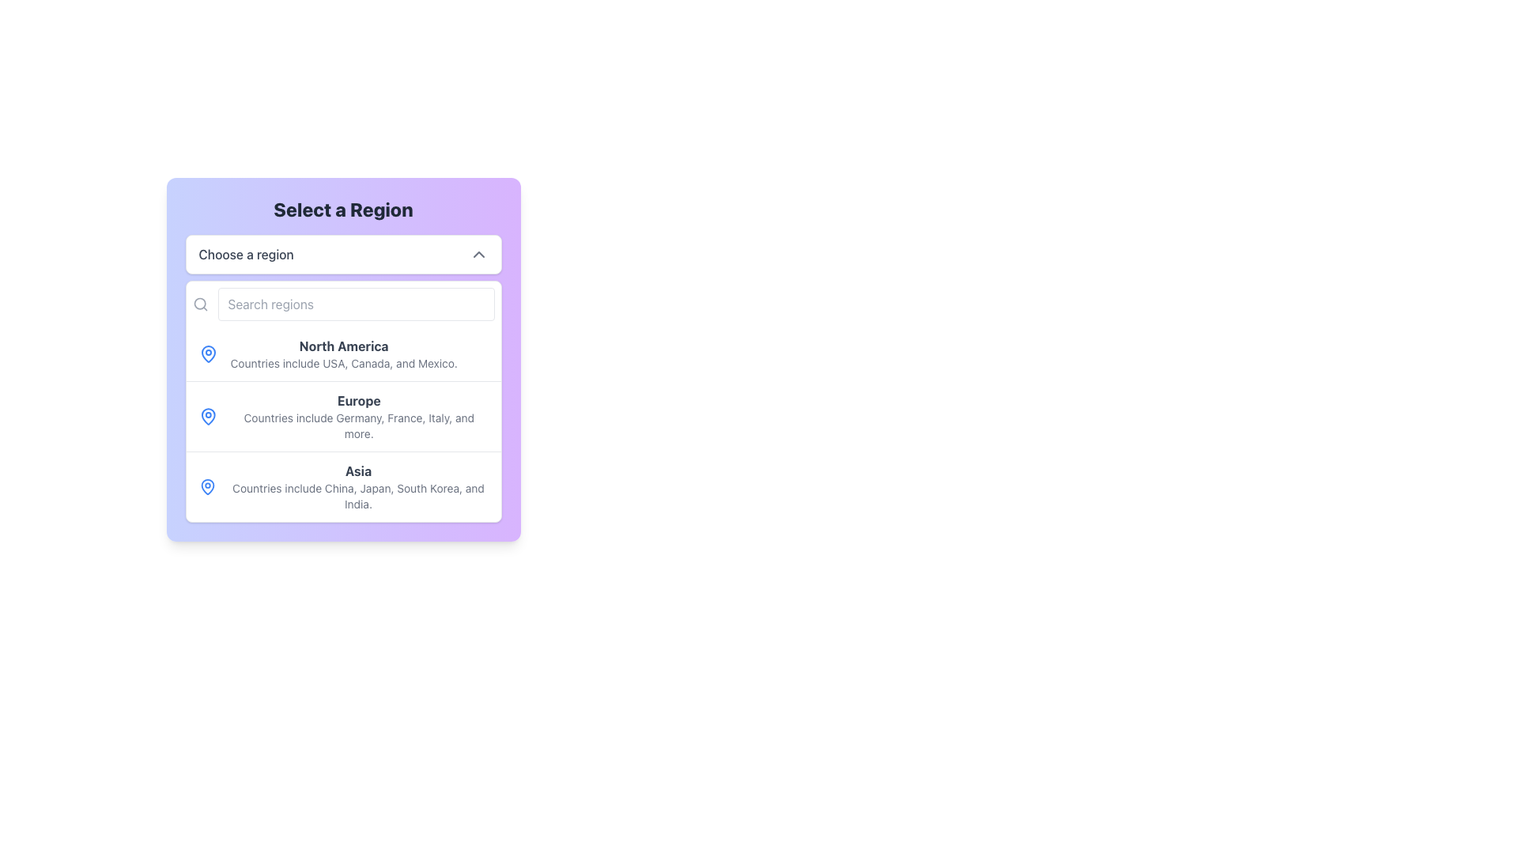  Describe the element at coordinates (343, 346) in the screenshot. I see `the static text element that serves as the title for the 'North America' option, which is positioned above the descriptive text and is the first entry in the list` at that location.